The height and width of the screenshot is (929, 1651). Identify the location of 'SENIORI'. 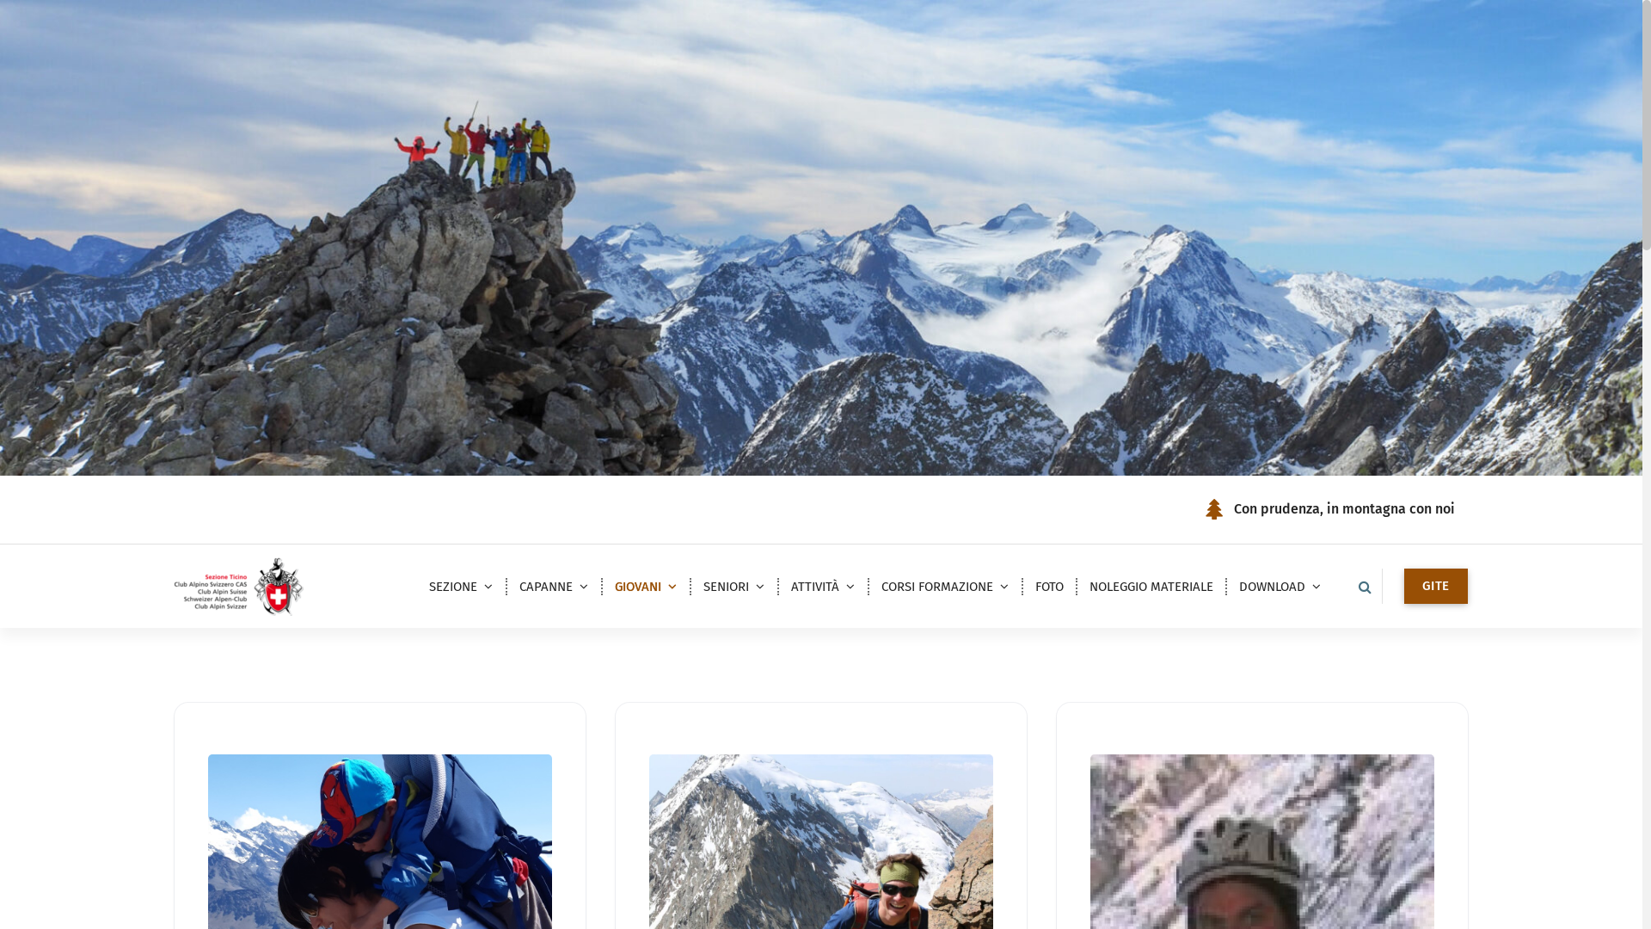
(689, 586).